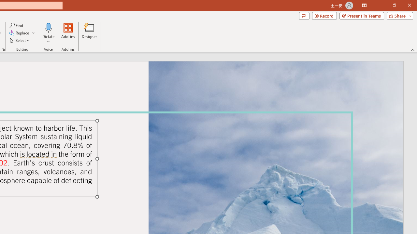 This screenshot has height=234, width=417. I want to click on 'Dictate', so click(48, 33).